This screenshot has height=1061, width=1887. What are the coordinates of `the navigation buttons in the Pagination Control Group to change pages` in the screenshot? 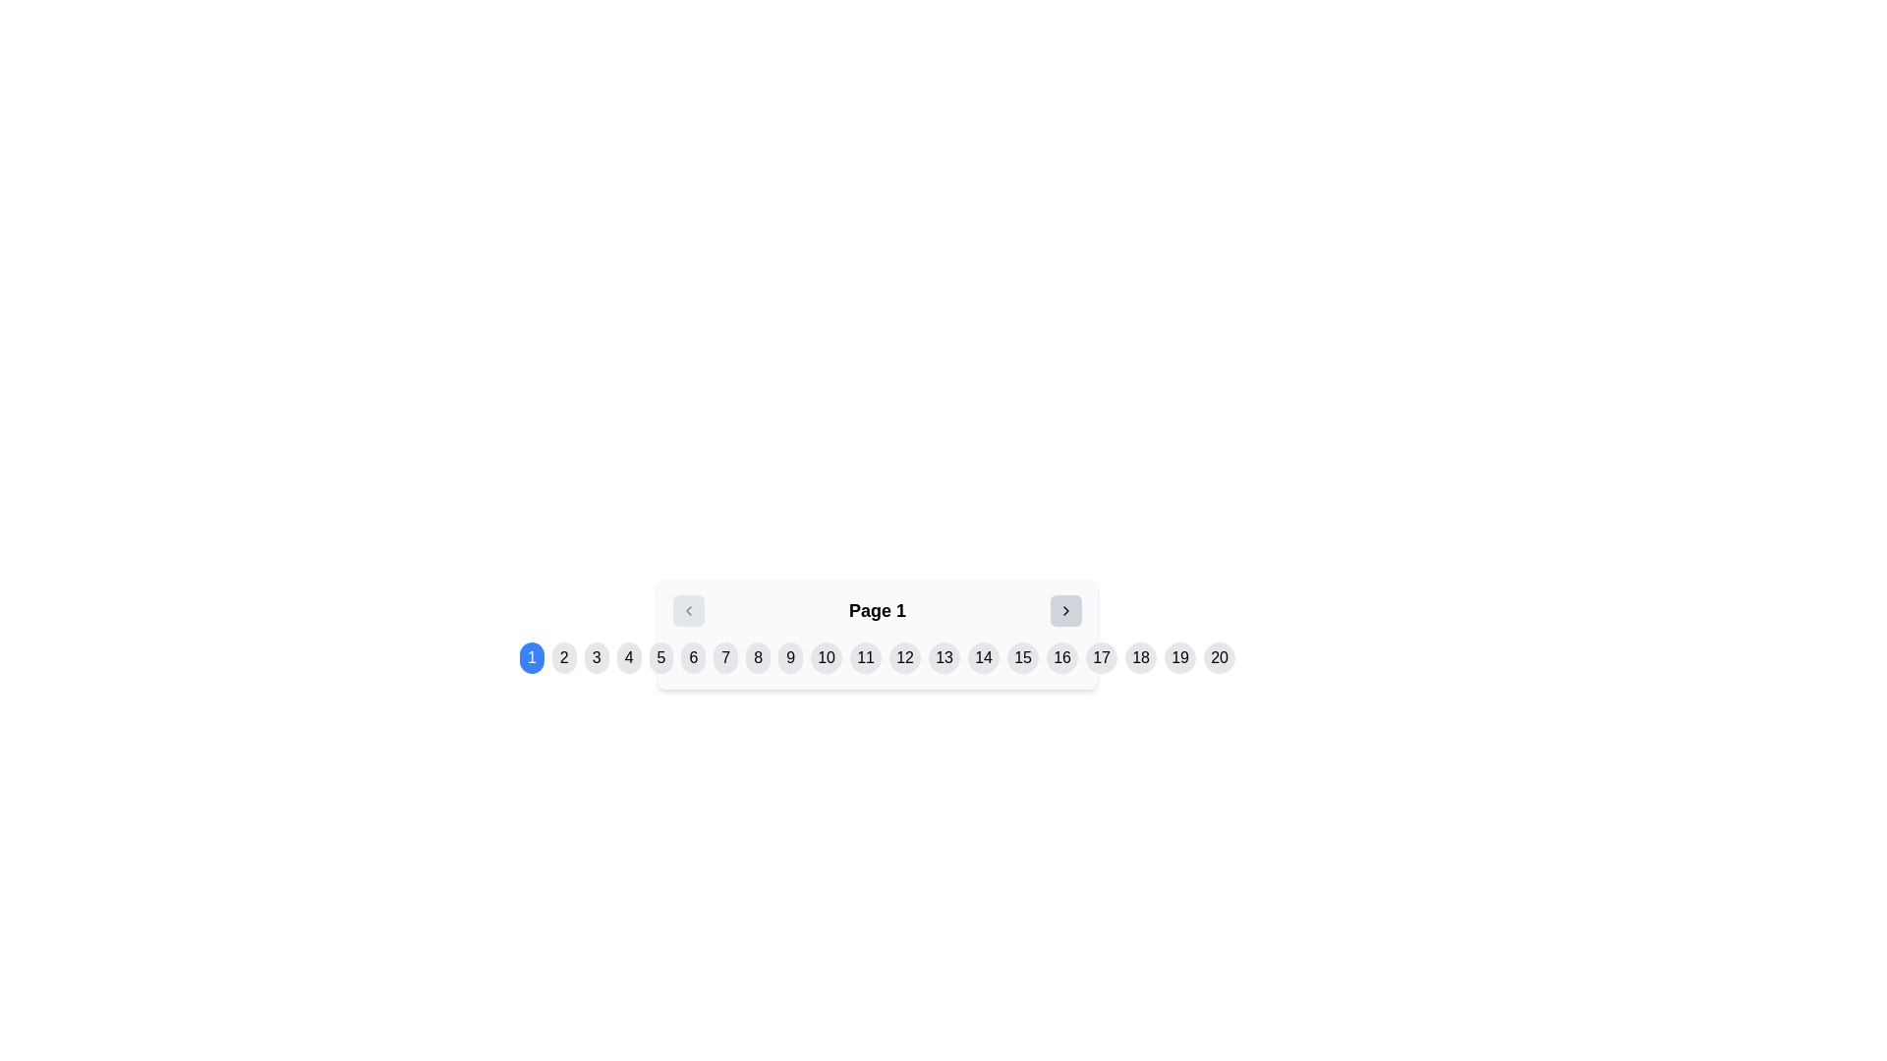 It's located at (876, 634).